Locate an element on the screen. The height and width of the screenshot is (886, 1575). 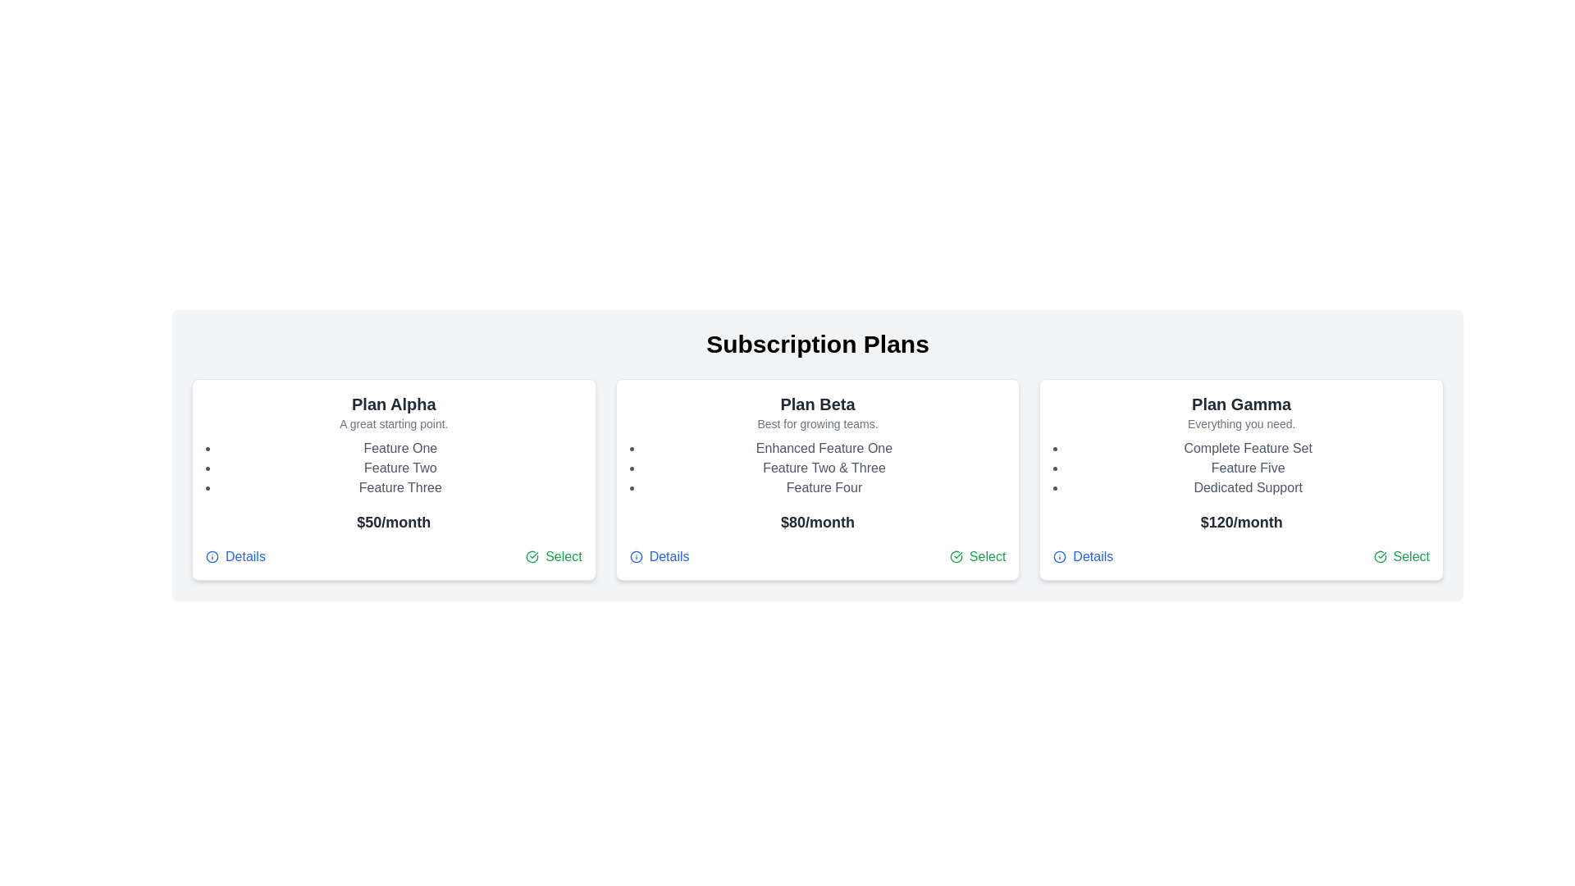
the Text label displaying 'Feature Three', which is the third entry in the bulleted list under the 'Plan Alpha' section is located at coordinates (400, 486).